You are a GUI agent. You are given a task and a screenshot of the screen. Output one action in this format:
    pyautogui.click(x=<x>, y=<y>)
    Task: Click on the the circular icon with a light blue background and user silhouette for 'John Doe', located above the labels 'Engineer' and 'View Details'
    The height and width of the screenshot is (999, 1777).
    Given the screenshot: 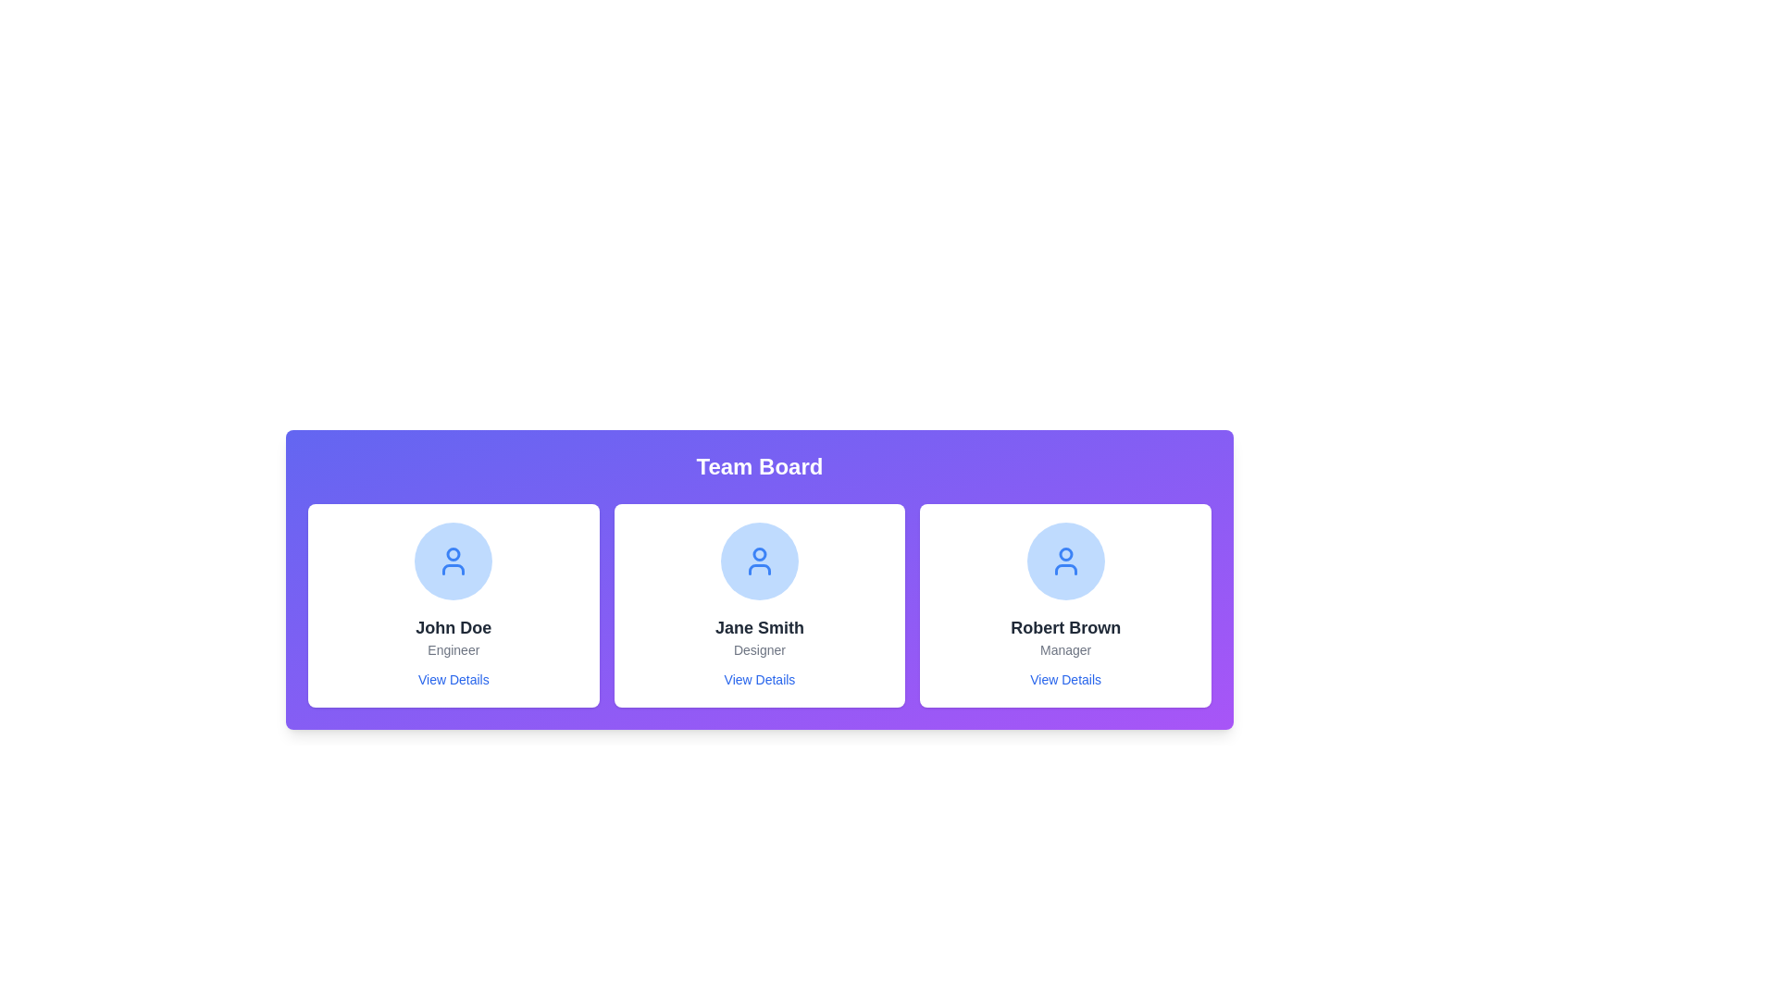 What is the action you would take?
    pyautogui.click(x=454, y=560)
    